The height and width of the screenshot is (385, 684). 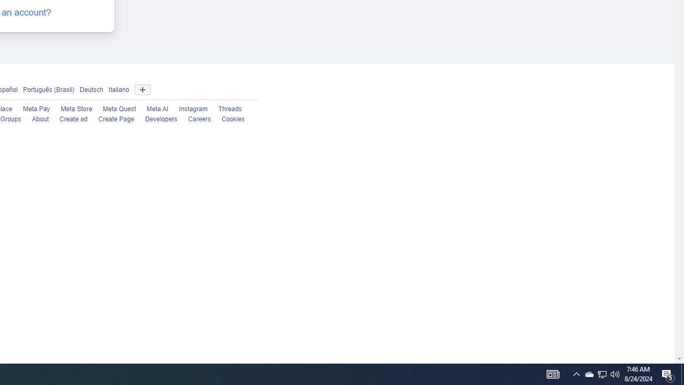 What do you see at coordinates (73, 119) in the screenshot?
I see `'Create ad'` at bounding box center [73, 119].